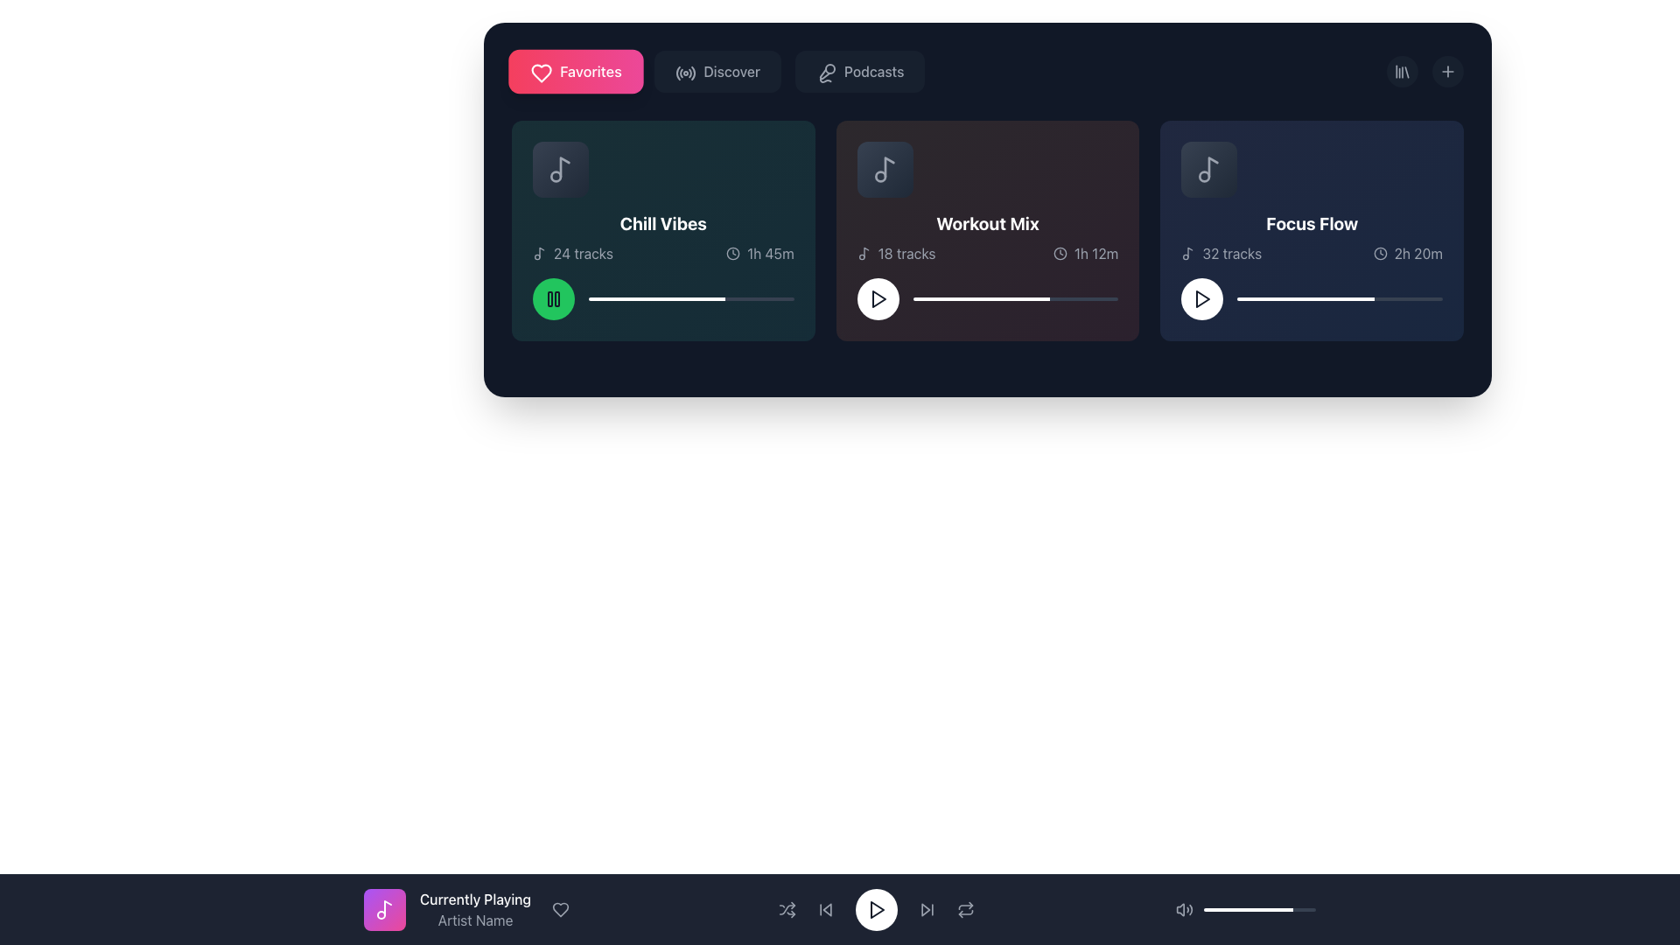  I want to click on the triangular-shaped play icon styled with a border, located within the circular background in the 'Focus Flow' card section, so click(1202, 298).